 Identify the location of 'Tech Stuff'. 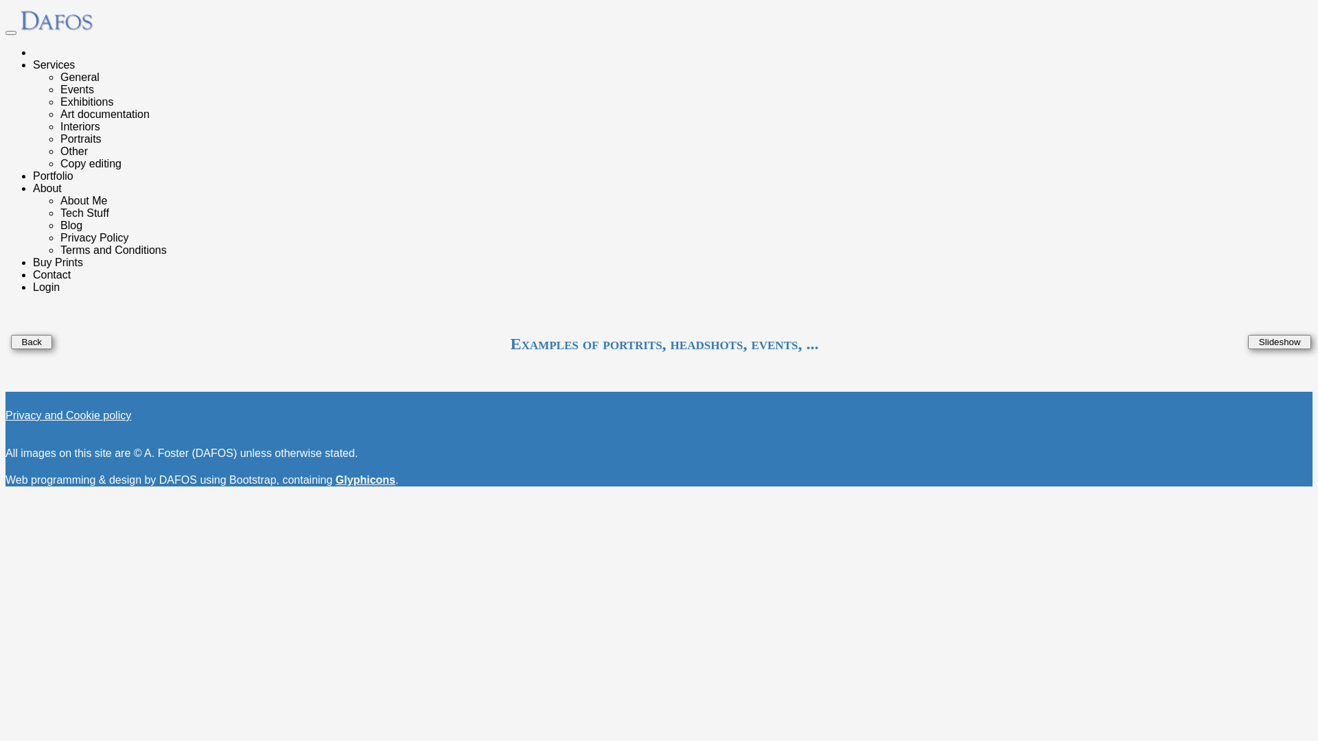
(59, 213).